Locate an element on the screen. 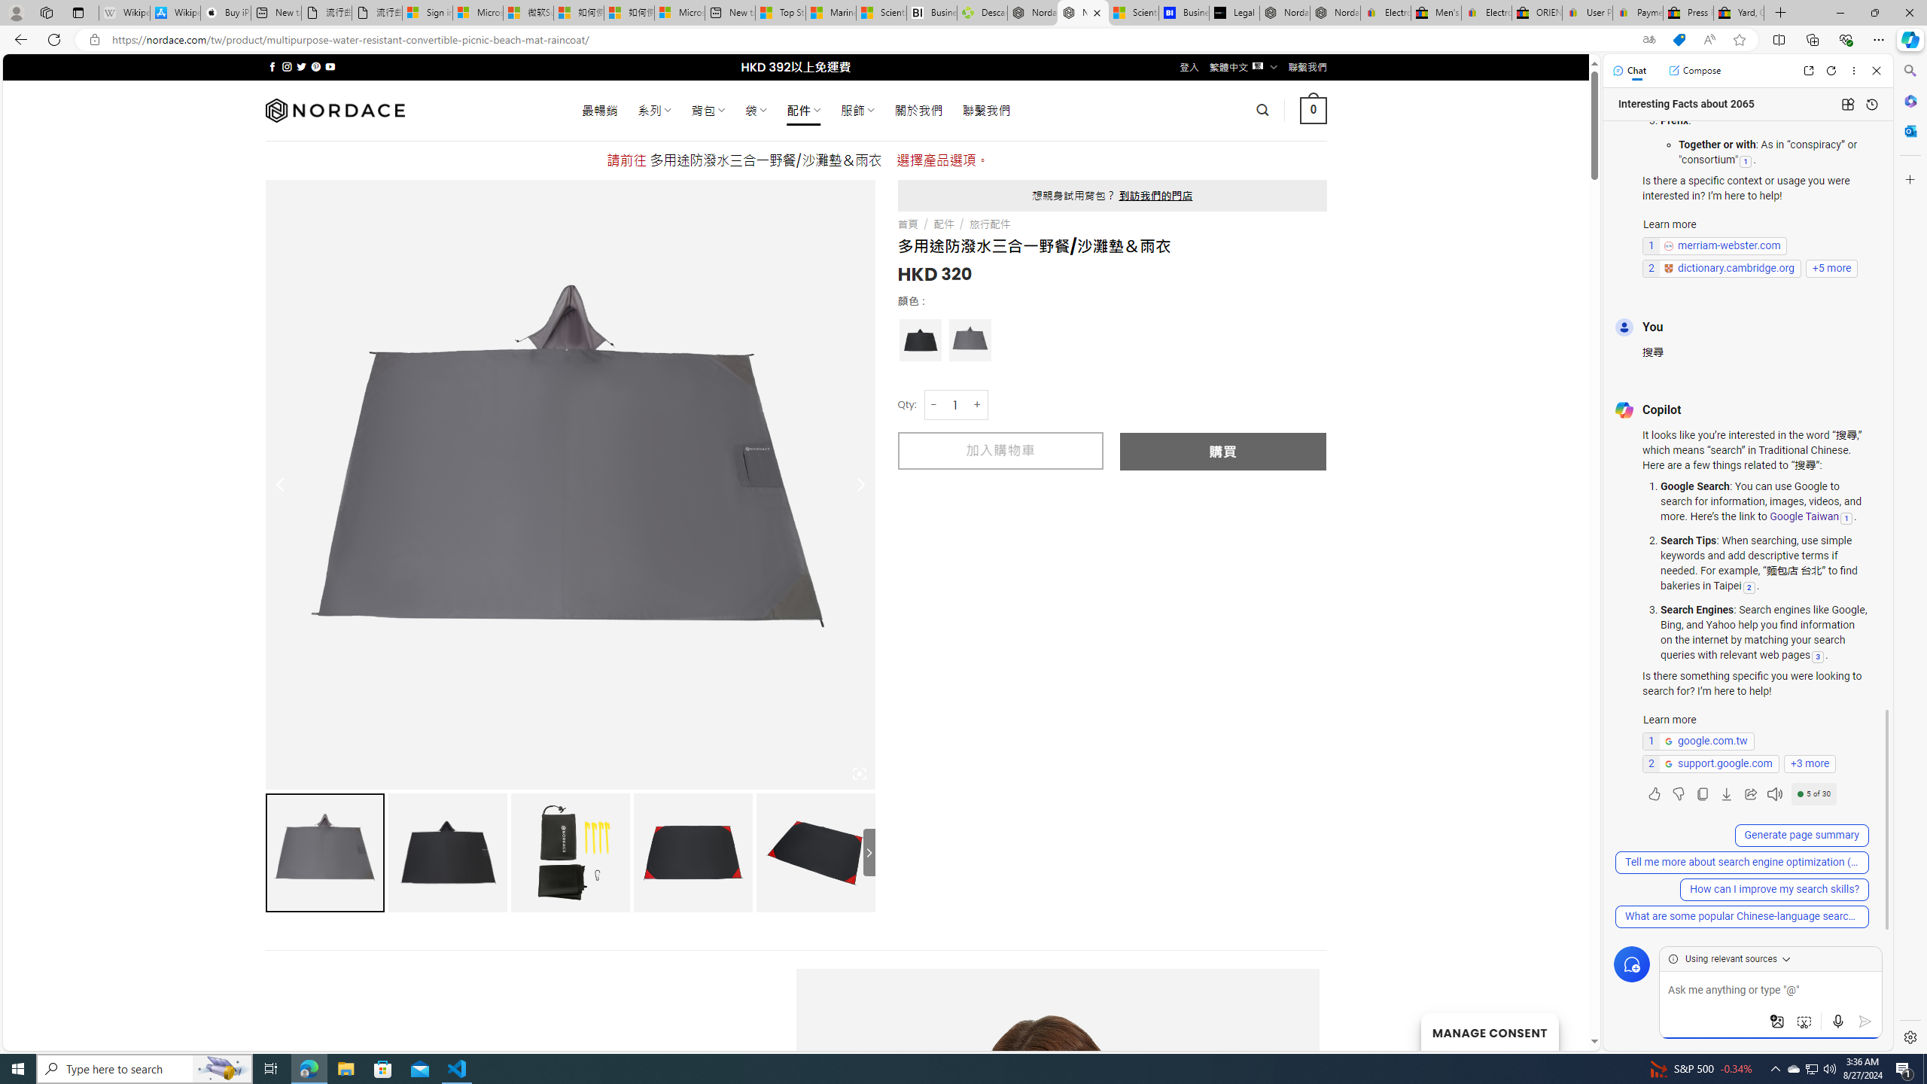  'Minimize Search pane' is located at coordinates (1908, 70).